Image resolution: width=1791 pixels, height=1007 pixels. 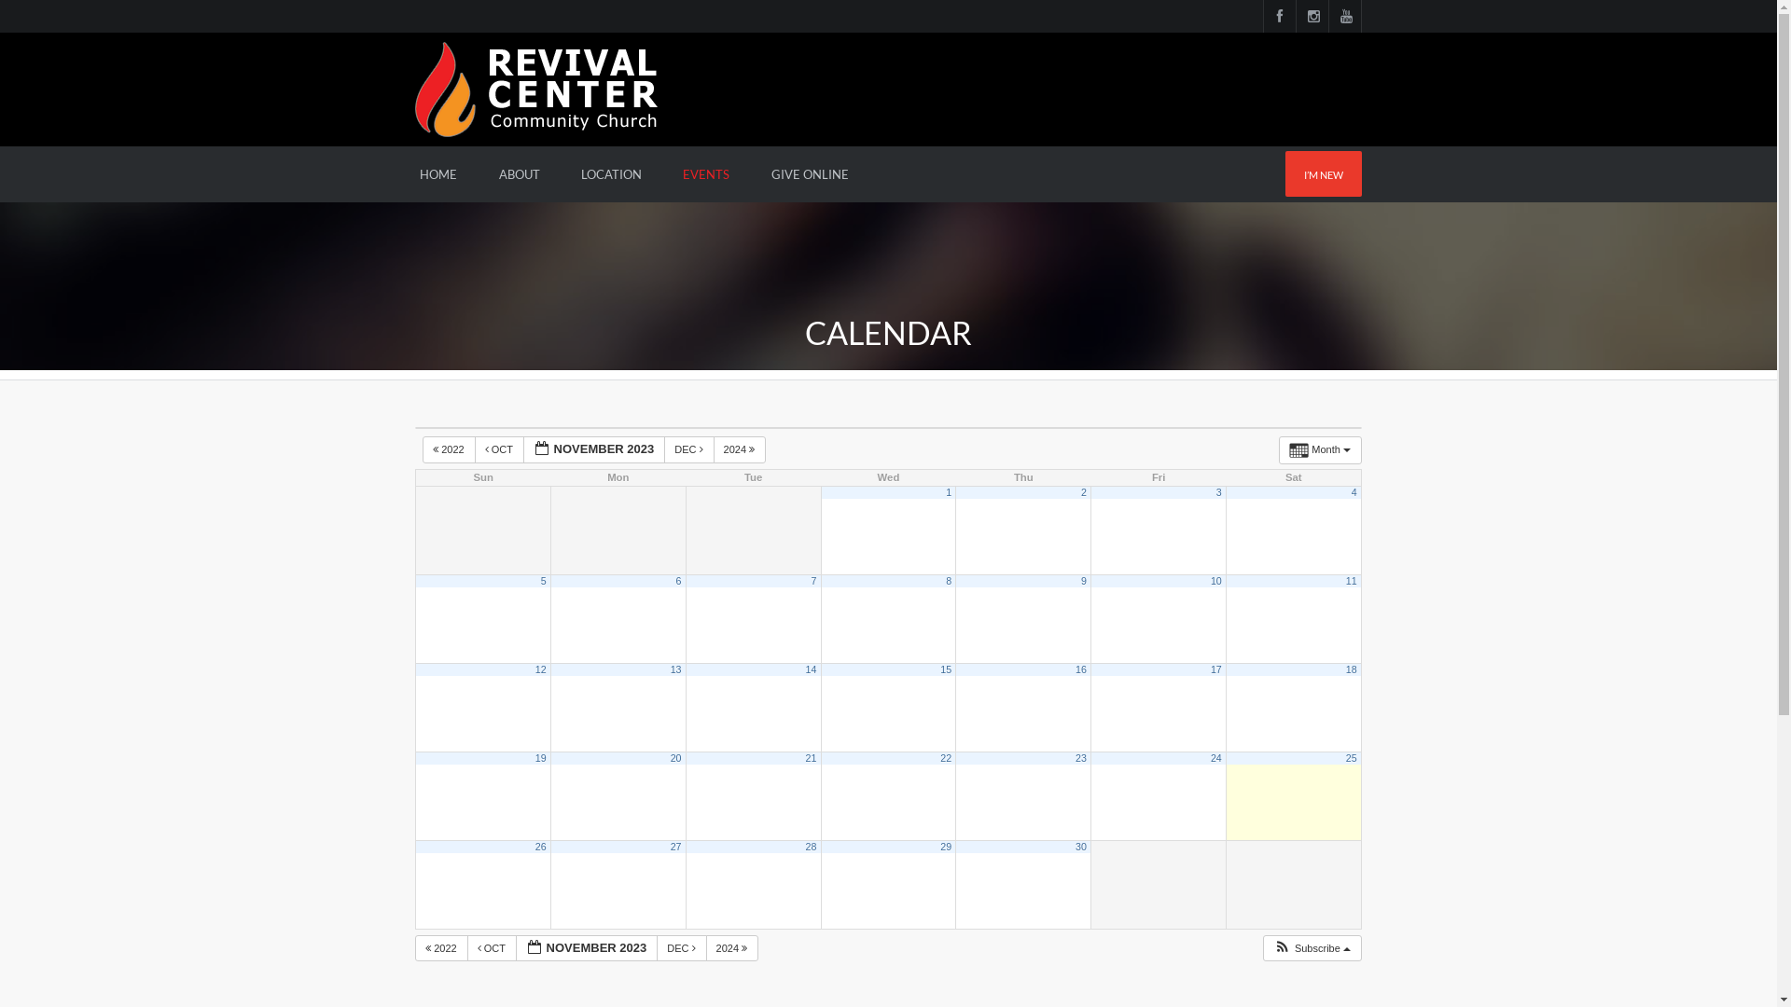 I want to click on '2024', so click(x=739, y=449).